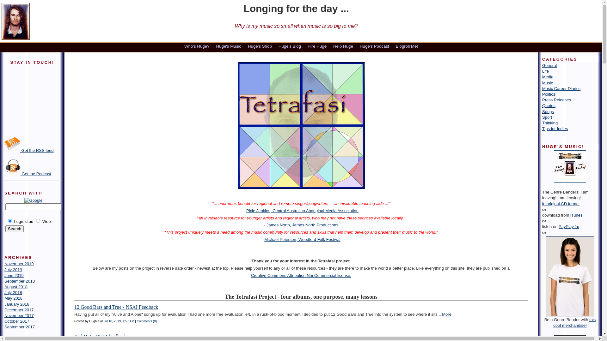 The height and width of the screenshot is (341, 607). I want to click on 'Get the Podcast', so click(27, 174).